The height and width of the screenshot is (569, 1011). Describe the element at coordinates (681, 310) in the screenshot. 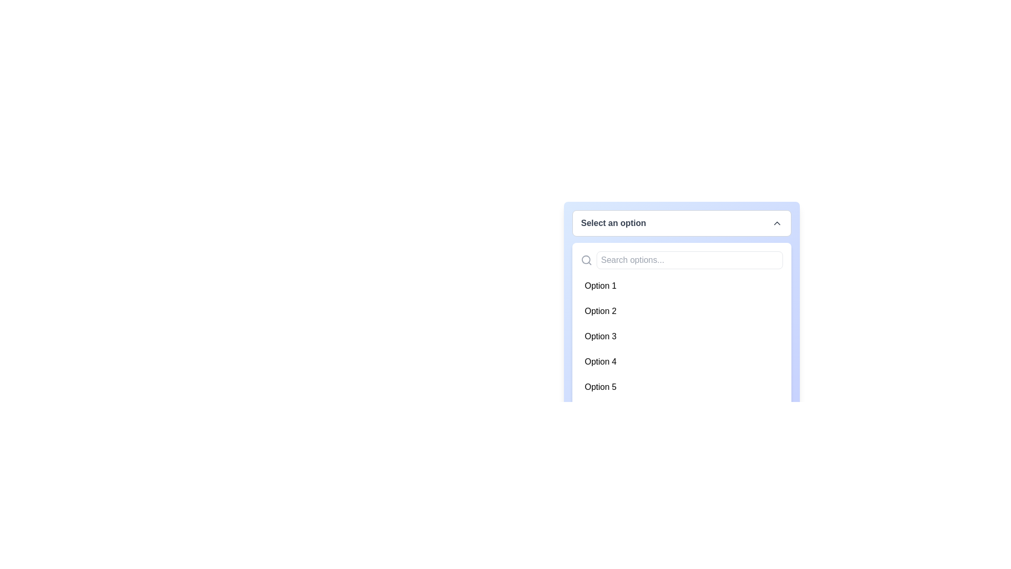

I see `the selectable item labeled 'Option 2' to trigger the hover effect` at that location.